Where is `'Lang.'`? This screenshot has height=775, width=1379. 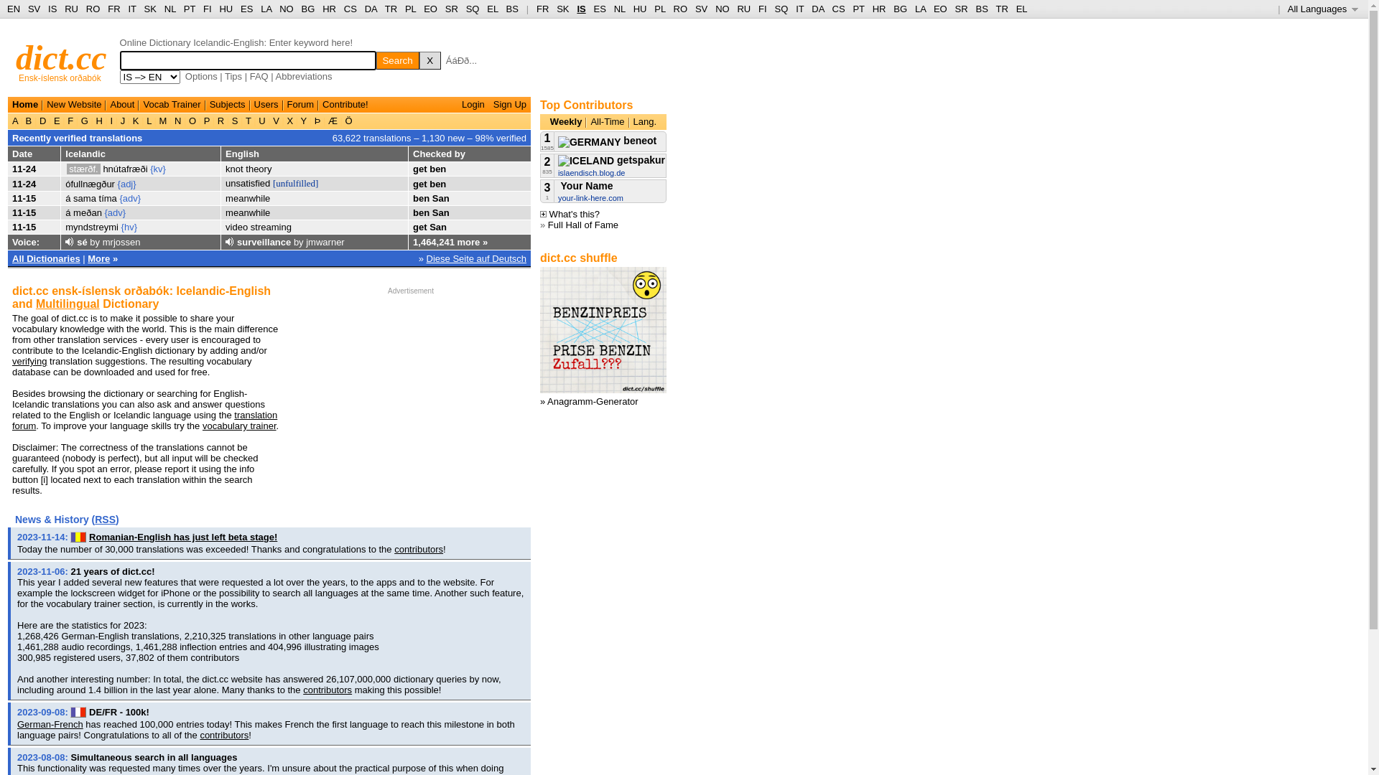
'Lang.' is located at coordinates (644, 121).